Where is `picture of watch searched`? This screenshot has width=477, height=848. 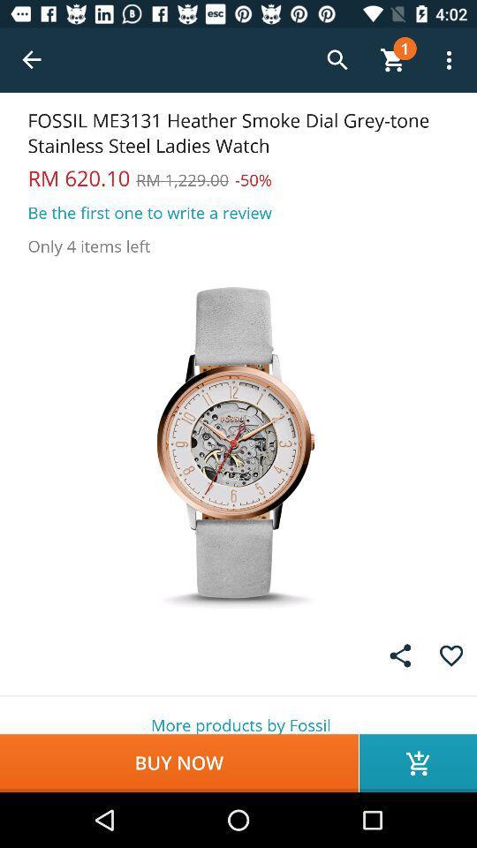
picture of watch searched is located at coordinates (238, 442).